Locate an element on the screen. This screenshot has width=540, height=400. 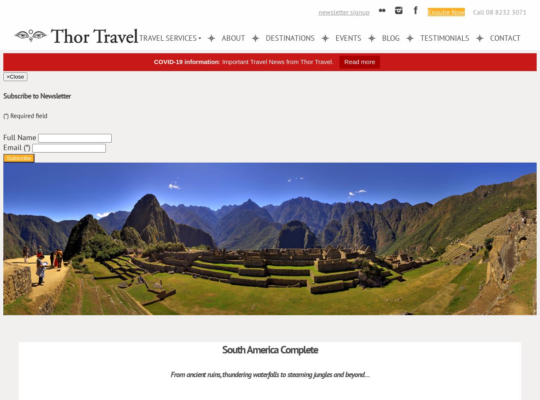
'Email' is located at coordinates (13, 147).